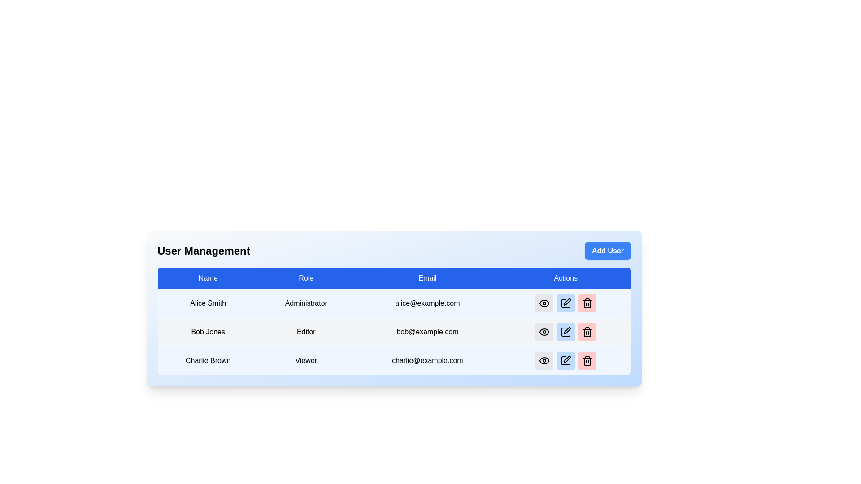 The width and height of the screenshot is (861, 484). Describe the element at coordinates (565, 303) in the screenshot. I see `the edit button with an icon in the Actions column of the first row` at that location.